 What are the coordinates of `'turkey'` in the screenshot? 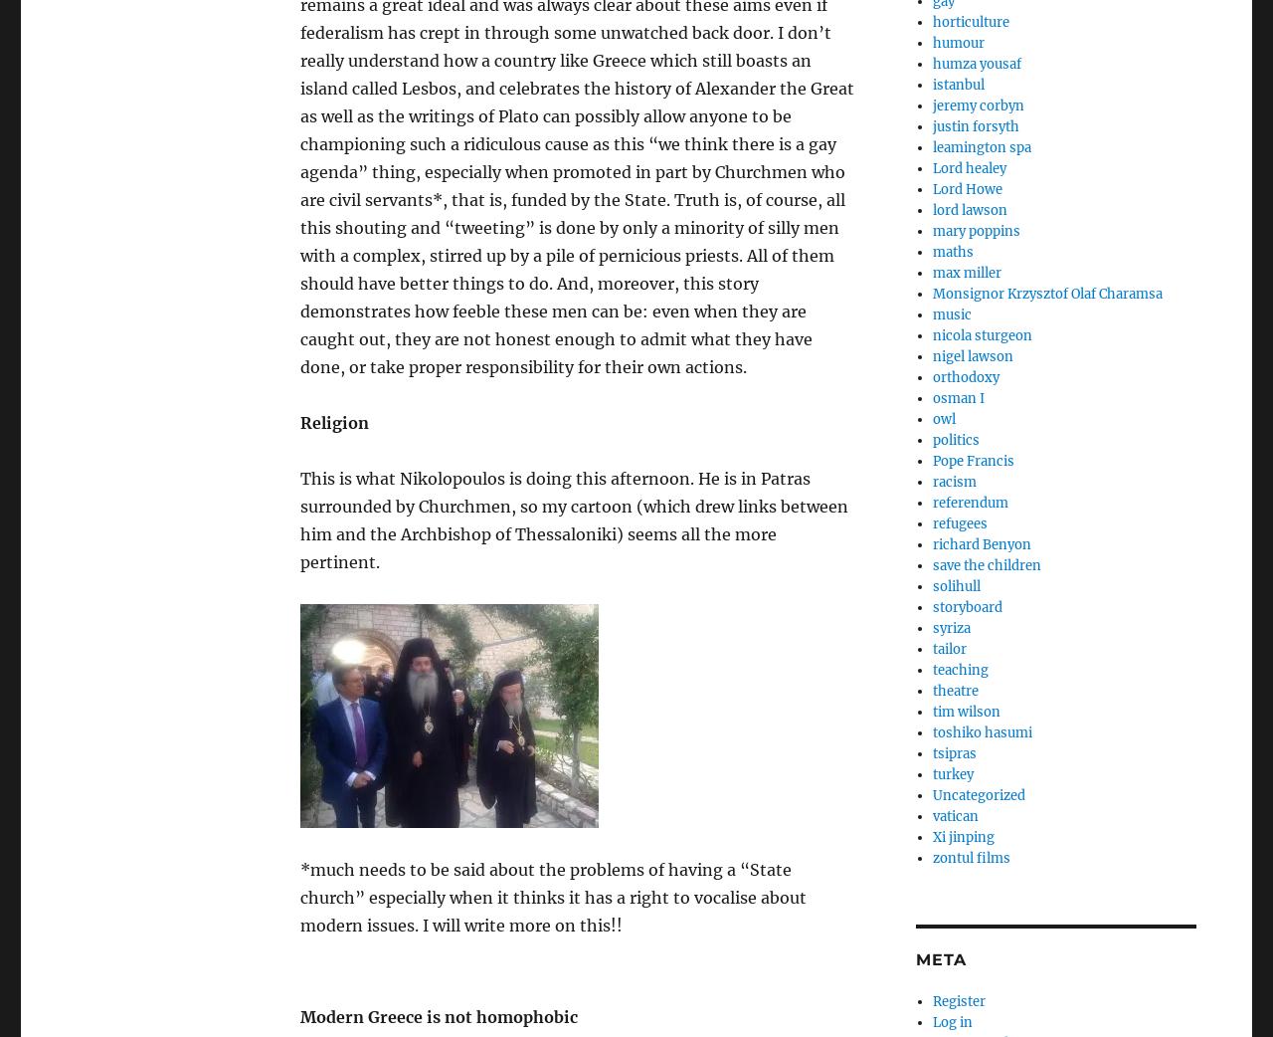 It's located at (951, 773).